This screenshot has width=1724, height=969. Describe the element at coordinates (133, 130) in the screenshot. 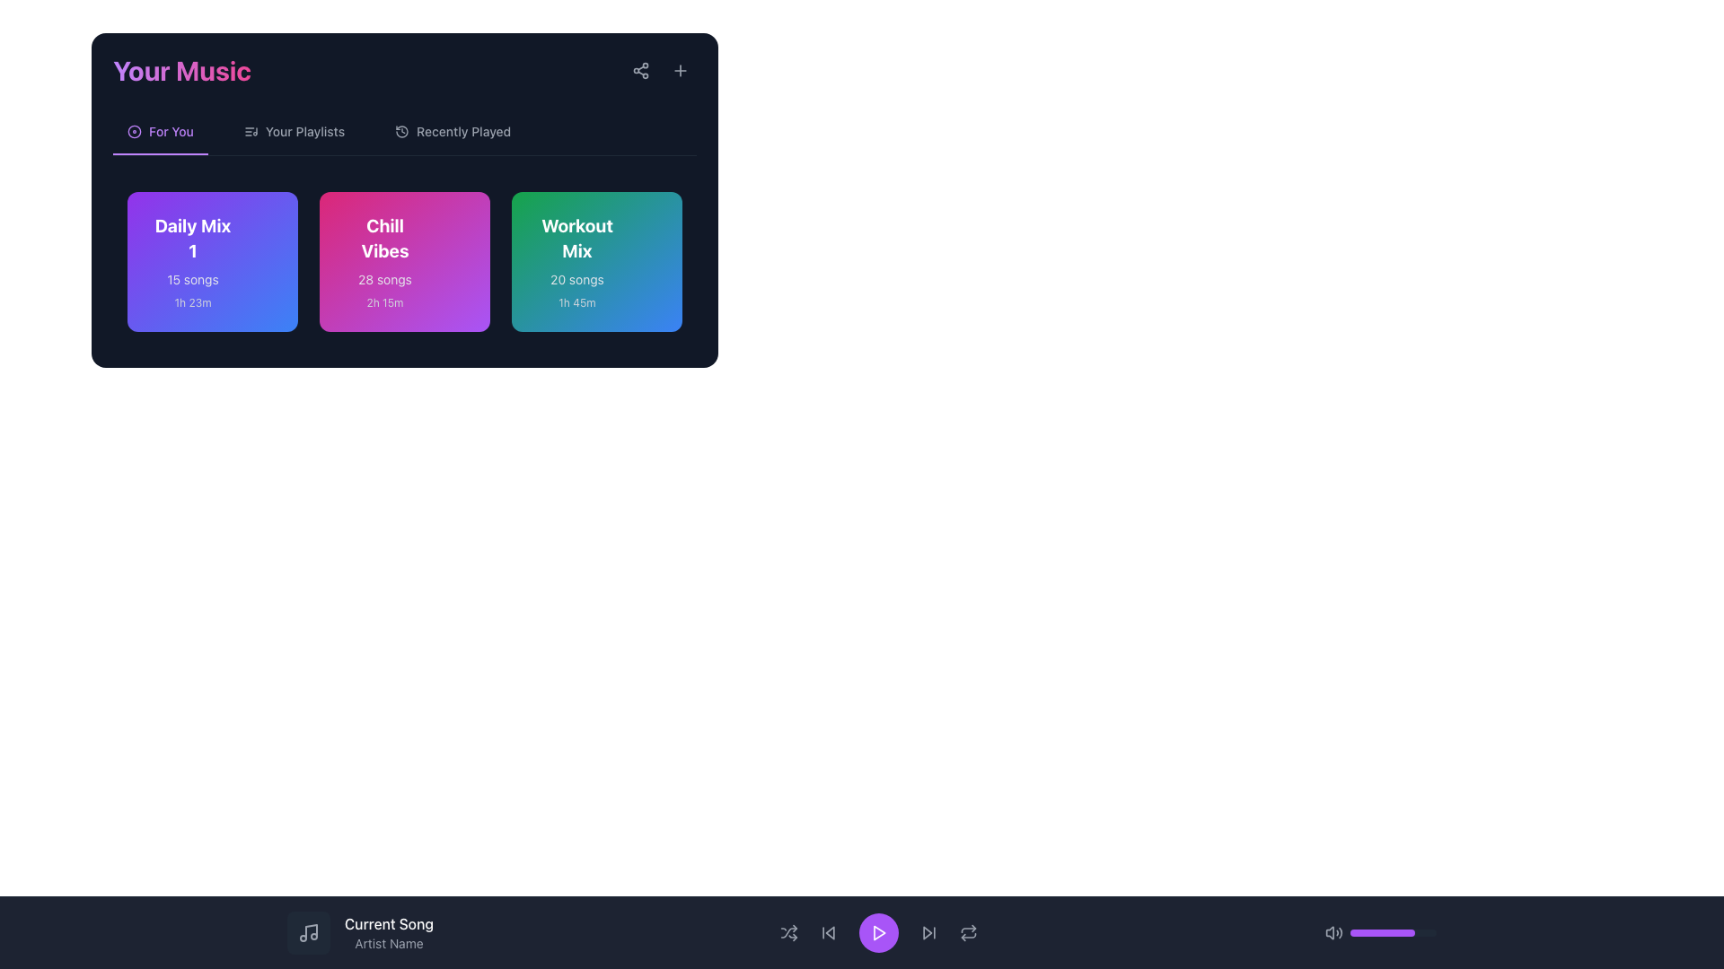

I see `the decorative circular SVG element adjacent to the 'For You' text in the navigation bar` at that location.